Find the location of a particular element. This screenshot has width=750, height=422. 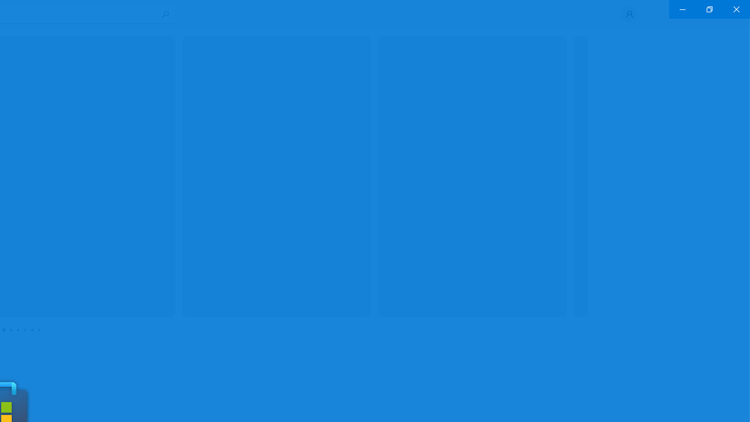

'Pager' is located at coordinates (22, 330).